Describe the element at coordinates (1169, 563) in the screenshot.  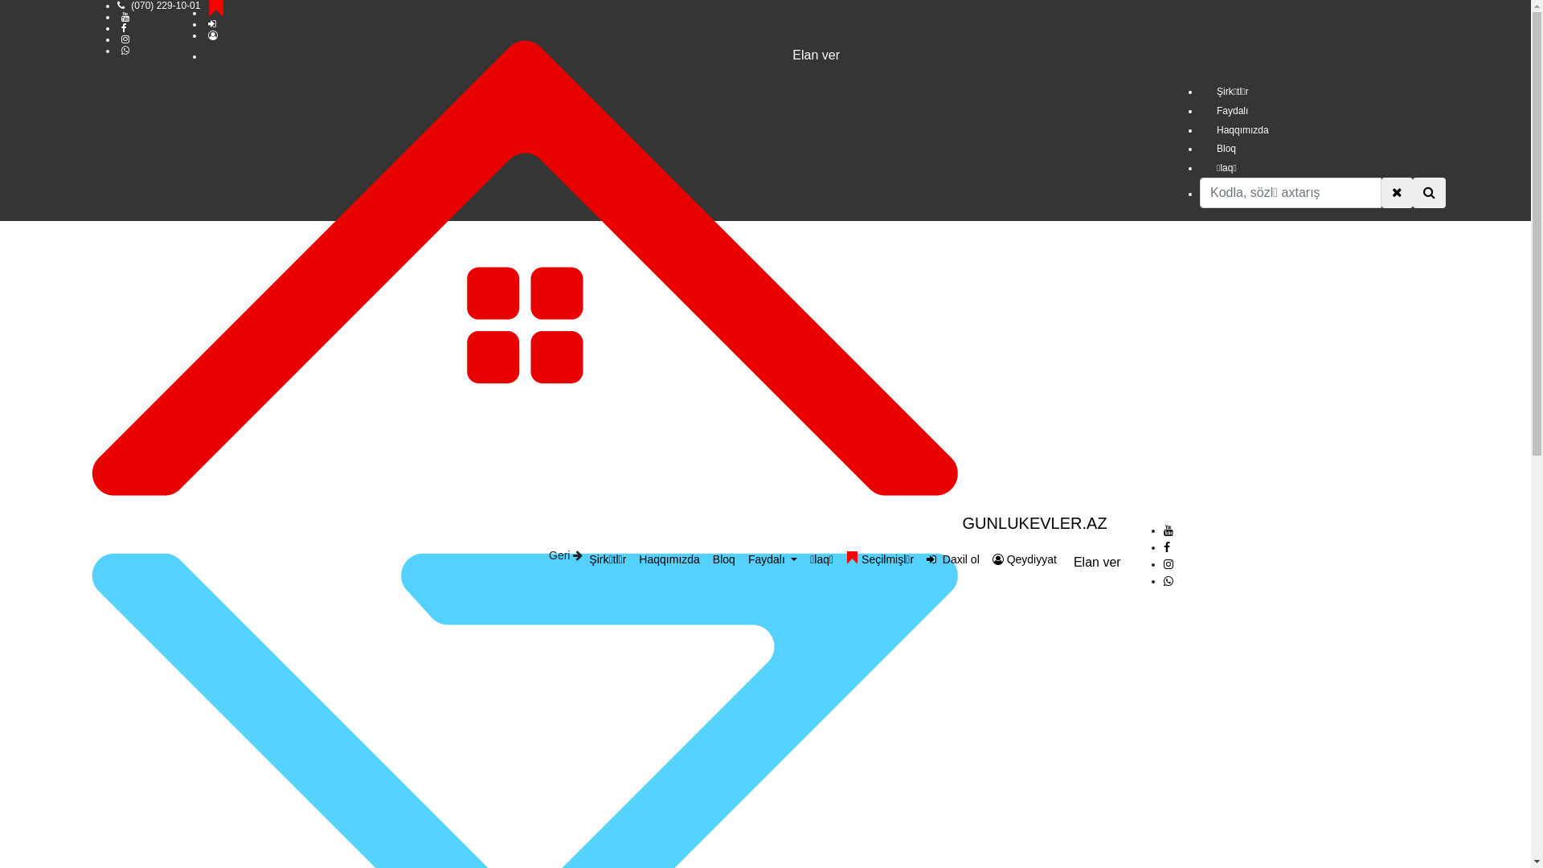
I see `'Instagram'` at that location.